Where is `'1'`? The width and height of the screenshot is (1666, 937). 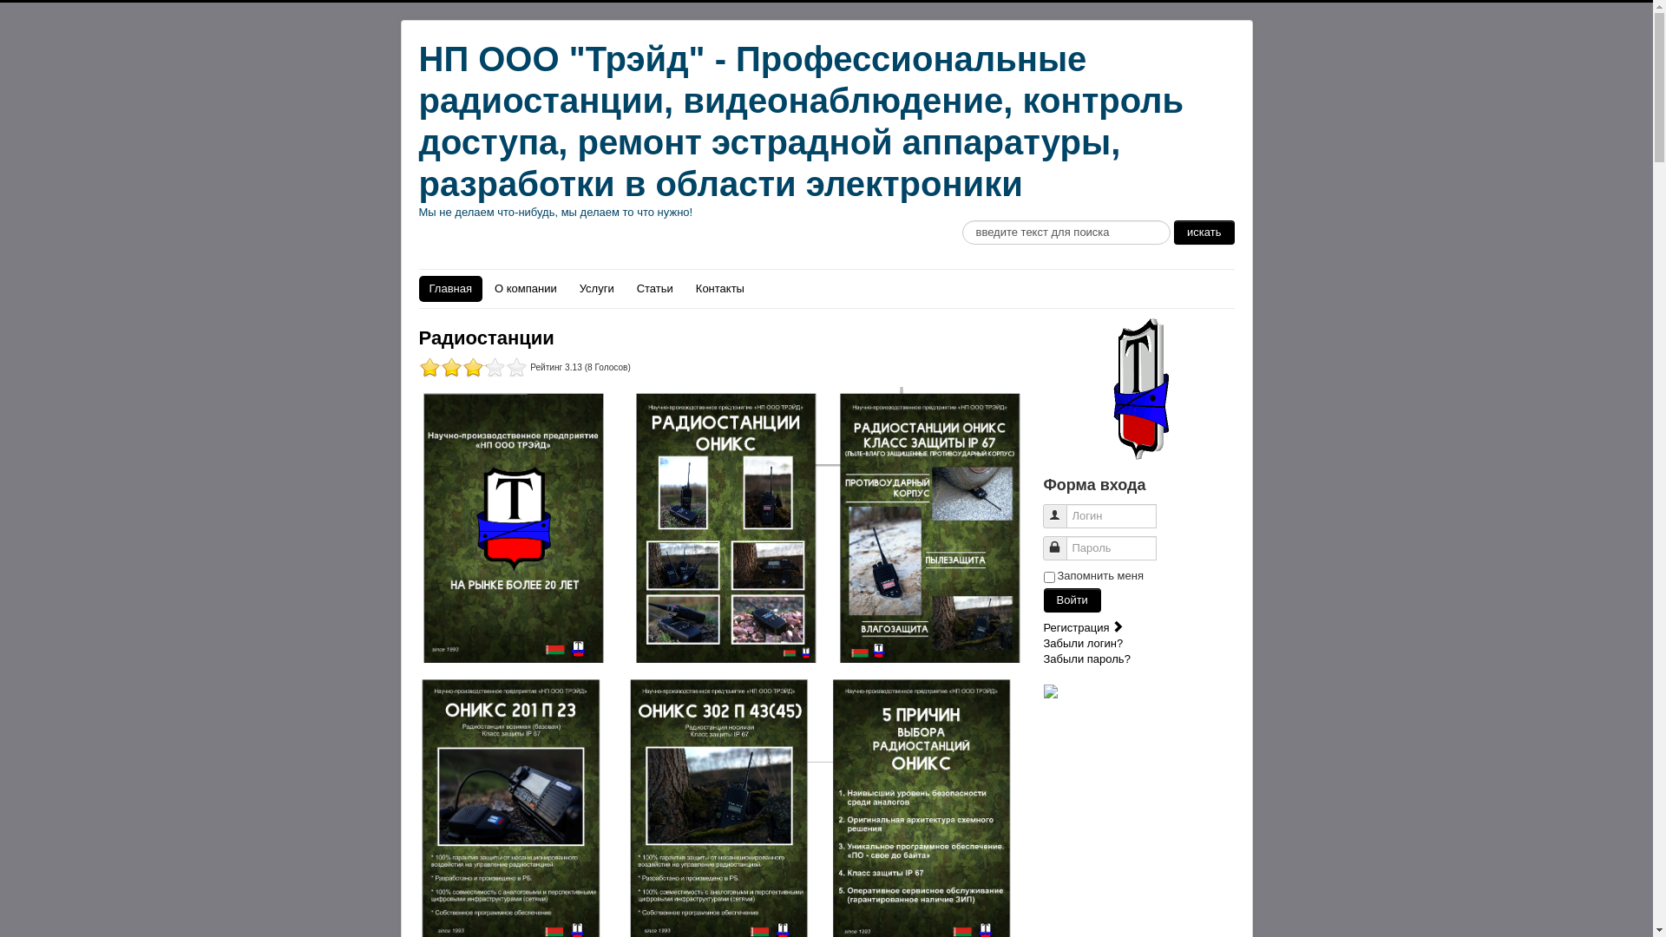 '1' is located at coordinates (462, 366).